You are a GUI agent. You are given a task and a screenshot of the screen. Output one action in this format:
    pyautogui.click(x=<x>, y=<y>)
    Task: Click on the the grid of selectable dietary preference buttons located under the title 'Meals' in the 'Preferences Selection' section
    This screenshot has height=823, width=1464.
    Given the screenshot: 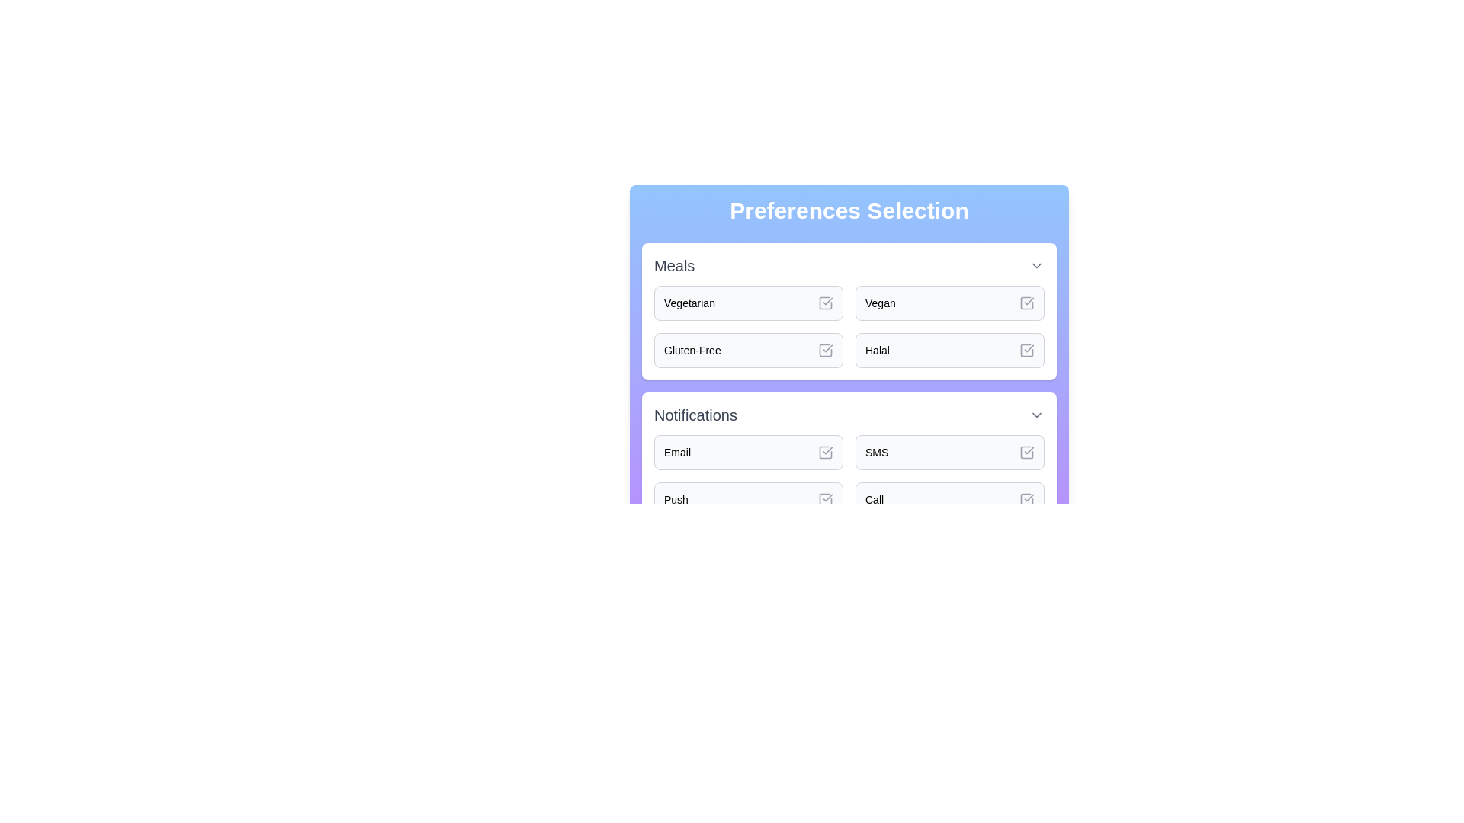 What is the action you would take?
    pyautogui.click(x=848, y=325)
    